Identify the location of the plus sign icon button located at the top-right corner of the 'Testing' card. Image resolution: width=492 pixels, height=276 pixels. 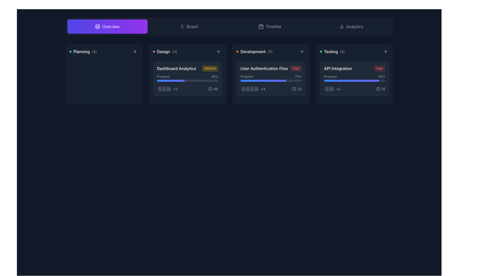
(385, 51).